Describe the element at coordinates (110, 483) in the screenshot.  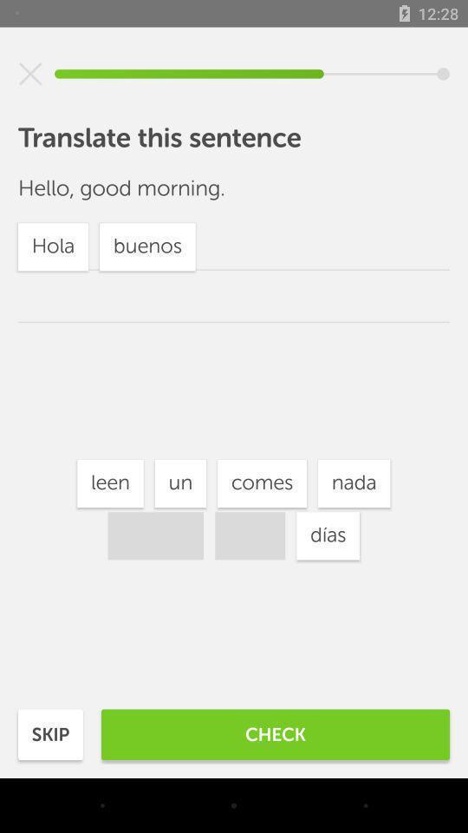
I see `icon next to the un item` at that location.